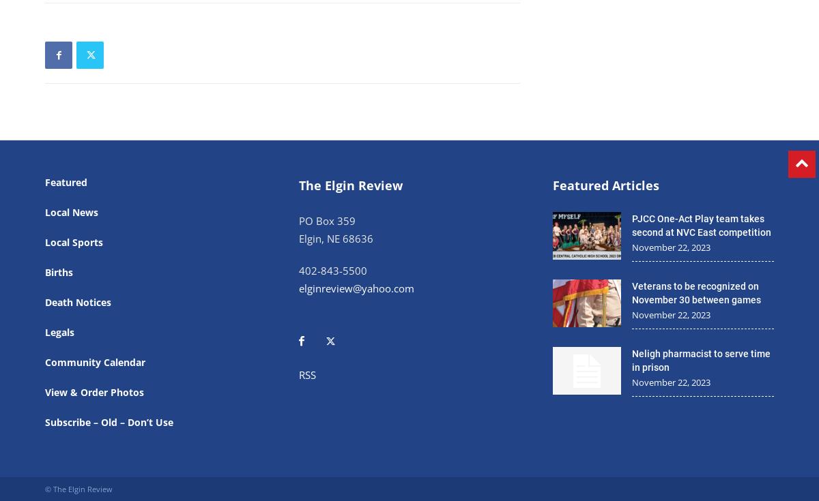  What do you see at coordinates (95, 361) in the screenshot?
I see `'Community Calendar'` at bounding box center [95, 361].